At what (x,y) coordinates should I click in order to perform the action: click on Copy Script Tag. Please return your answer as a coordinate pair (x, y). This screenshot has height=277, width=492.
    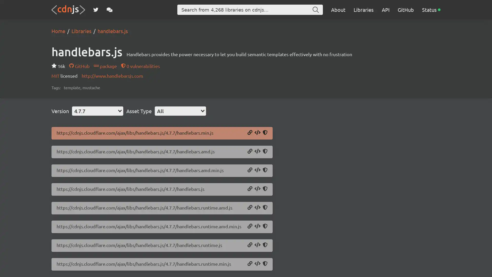
    Looking at the image, I should click on (257, 170).